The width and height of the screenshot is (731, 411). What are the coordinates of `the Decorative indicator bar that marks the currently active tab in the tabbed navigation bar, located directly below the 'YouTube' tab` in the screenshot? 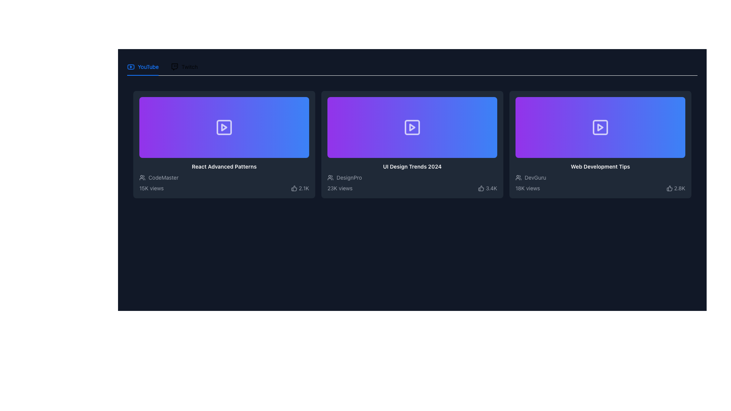 It's located at (143, 75).